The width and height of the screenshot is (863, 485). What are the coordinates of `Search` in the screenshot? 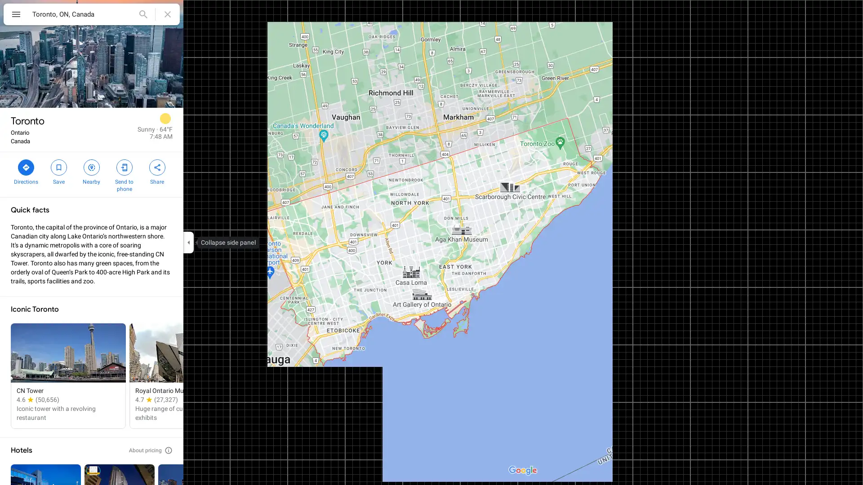 It's located at (142, 14).